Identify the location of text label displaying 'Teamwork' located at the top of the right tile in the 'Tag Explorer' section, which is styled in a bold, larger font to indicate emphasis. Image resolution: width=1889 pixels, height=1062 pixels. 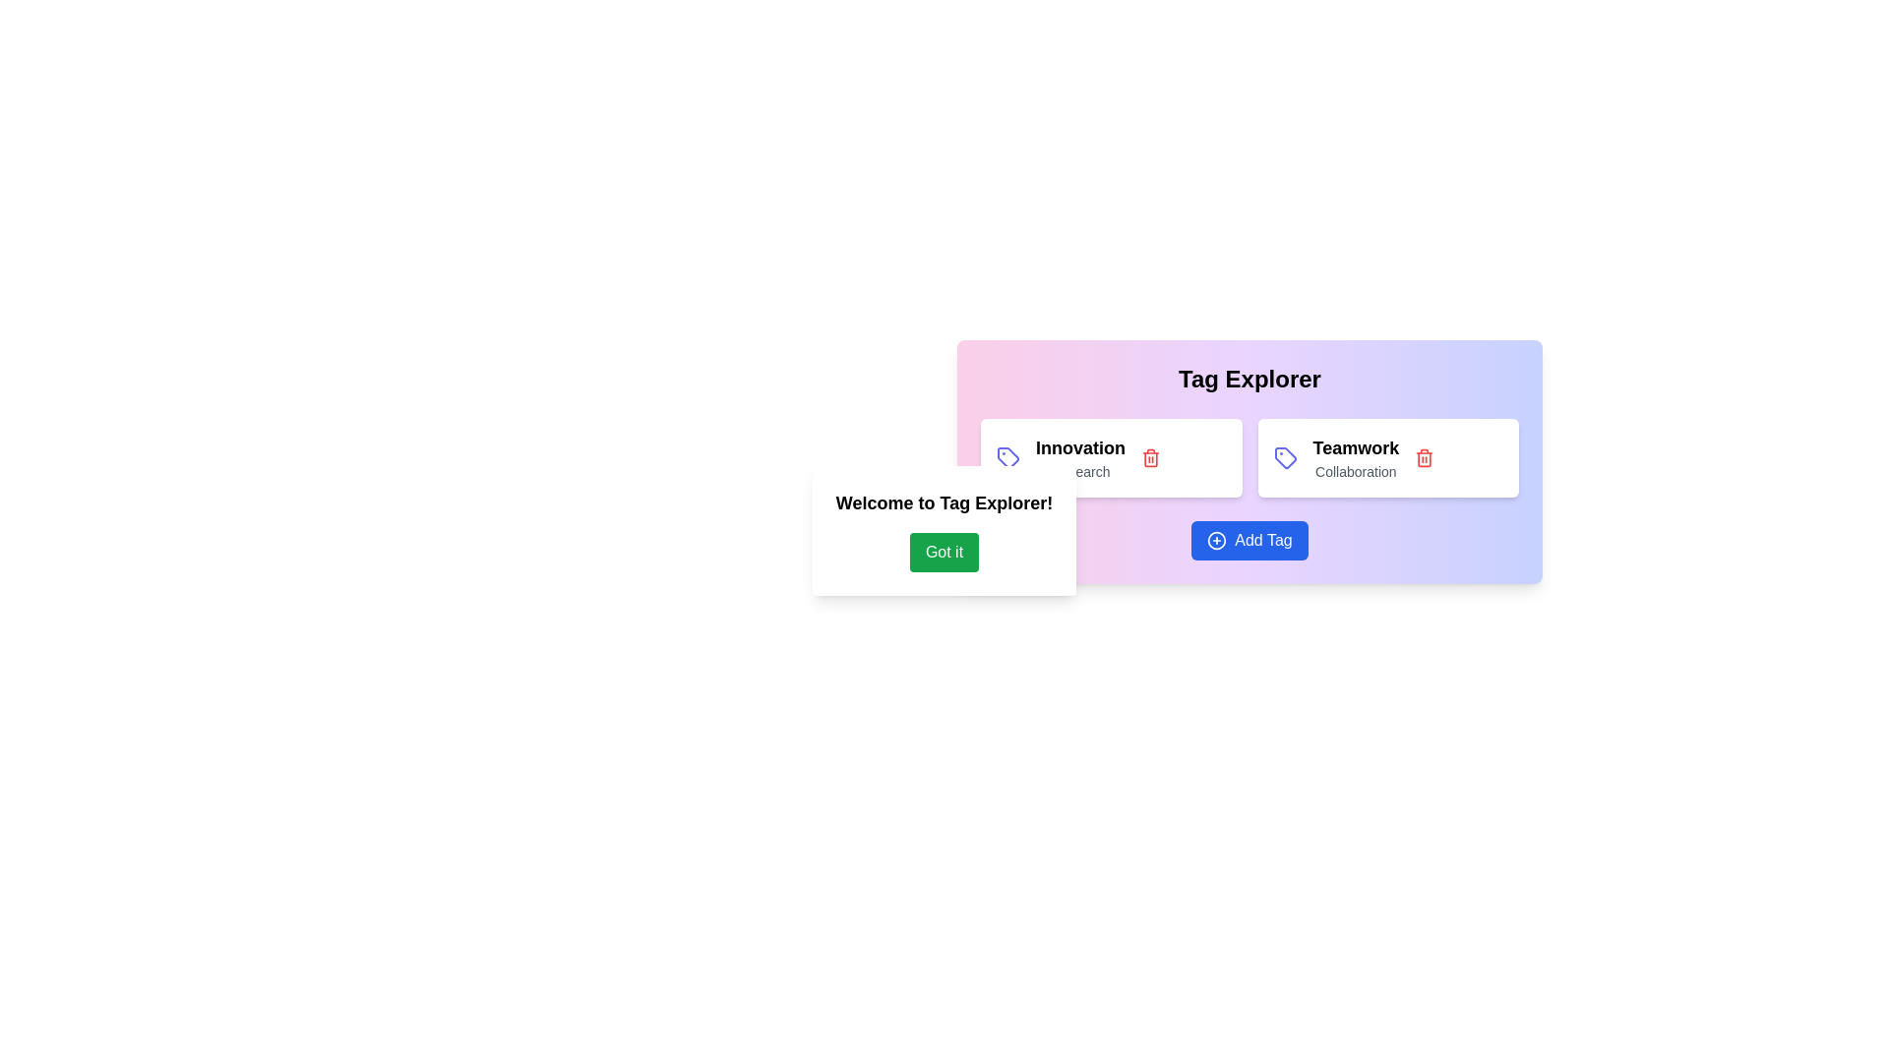
(1355, 447).